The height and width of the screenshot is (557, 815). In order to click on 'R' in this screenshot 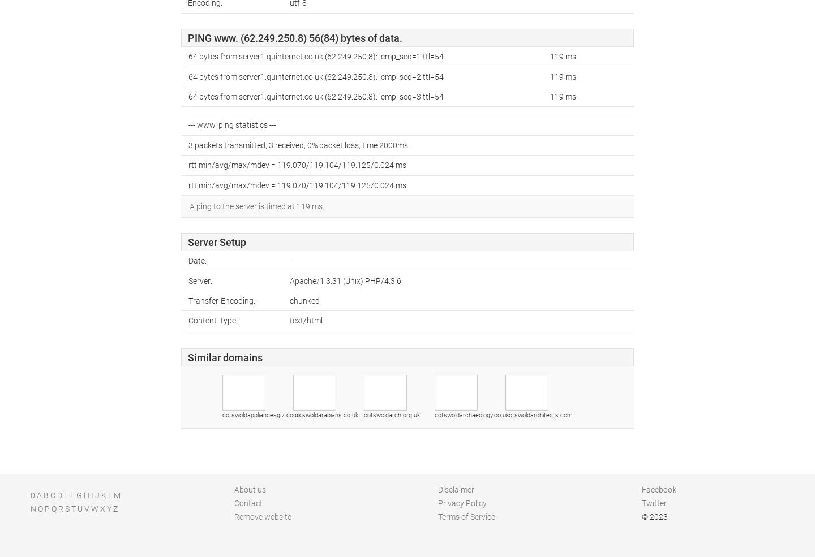, I will do `click(60, 508)`.